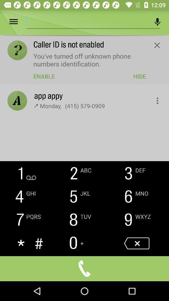 The width and height of the screenshot is (169, 301). I want to click on the microphone icon, so click(157, 22).